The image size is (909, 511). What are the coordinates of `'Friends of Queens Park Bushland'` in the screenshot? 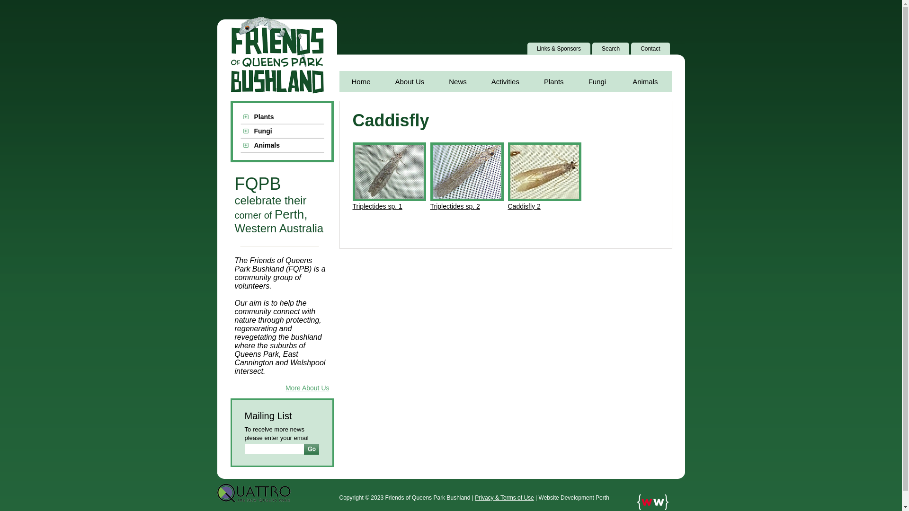 It's located at (276, 55).